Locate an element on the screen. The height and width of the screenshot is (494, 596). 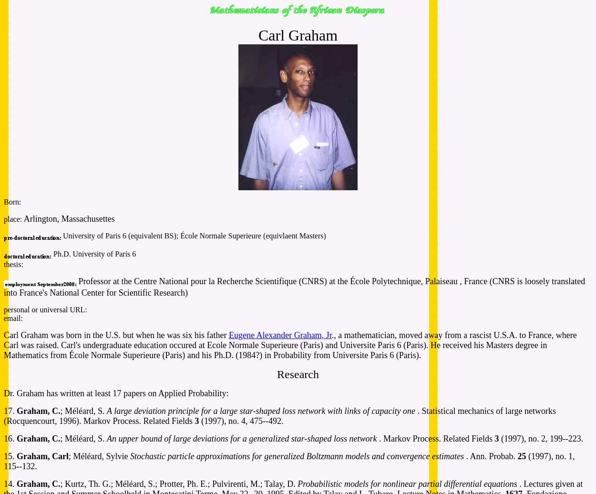
'email:' is located at coordinates (13, 318).